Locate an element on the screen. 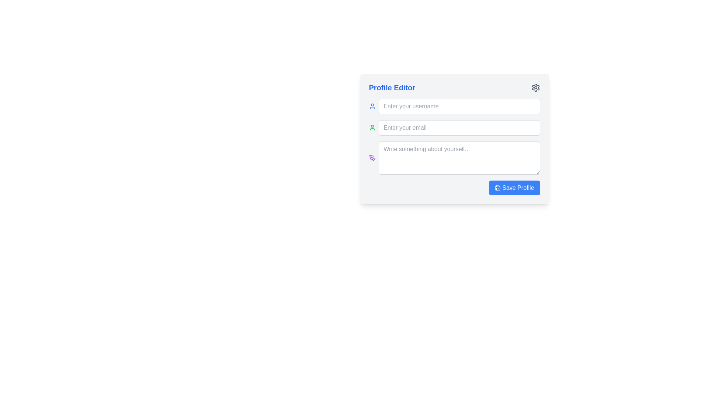 The image size is (708, 398). the text area with rounded corners and a light gray border, which has the placeholder text 'Write something about yourself...' is located at coordinates (459, 157).